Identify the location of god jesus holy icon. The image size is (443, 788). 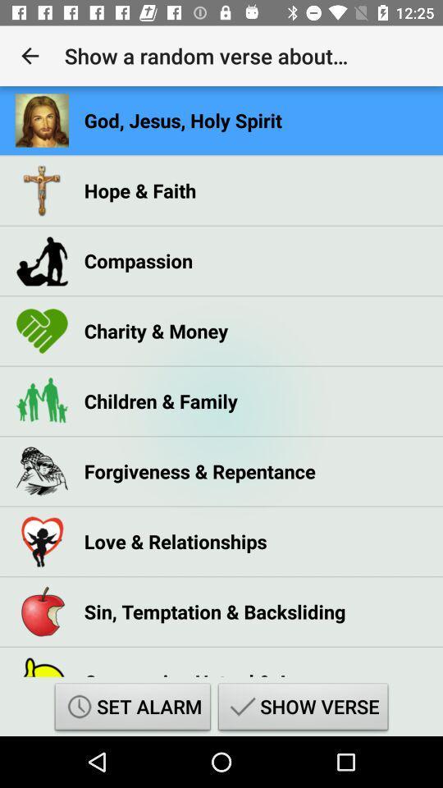
(182, 119).